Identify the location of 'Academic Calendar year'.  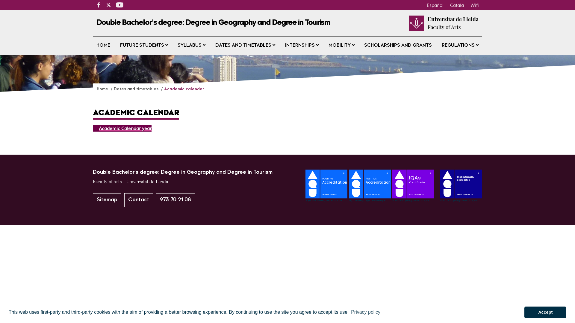
(122, 128).